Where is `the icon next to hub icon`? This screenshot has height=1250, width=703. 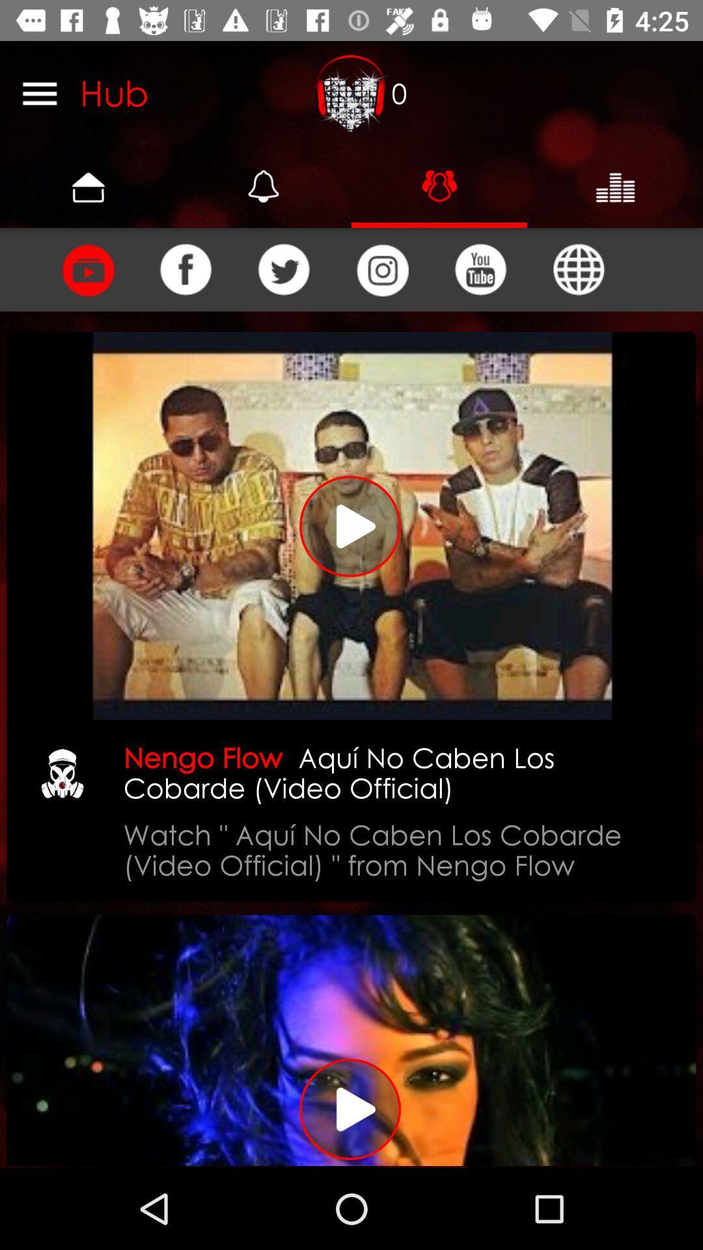 the icon next to hub icon is located at coordinates (39, 92).